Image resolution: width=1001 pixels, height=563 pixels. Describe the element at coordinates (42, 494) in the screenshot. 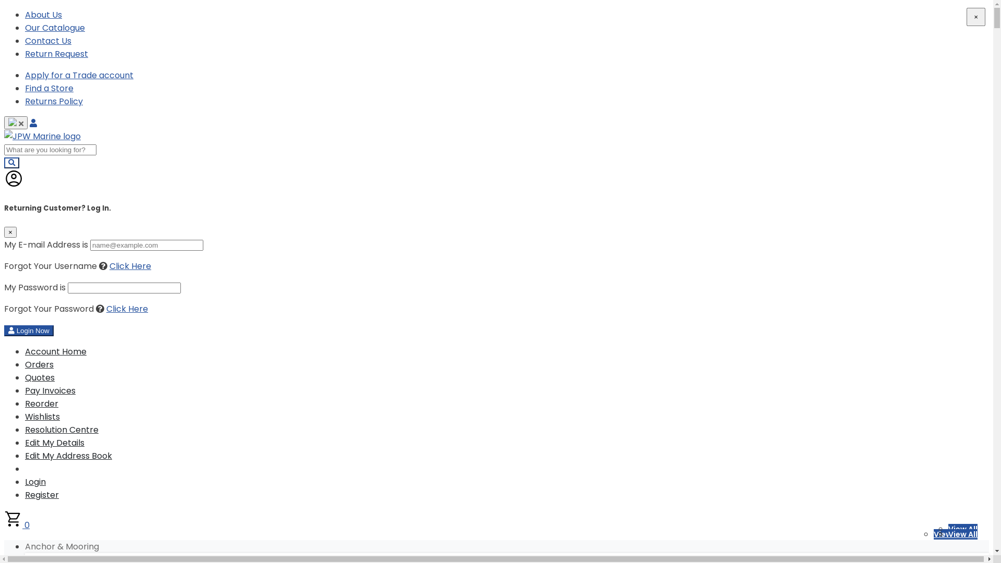

I see `'Register'` at that location.